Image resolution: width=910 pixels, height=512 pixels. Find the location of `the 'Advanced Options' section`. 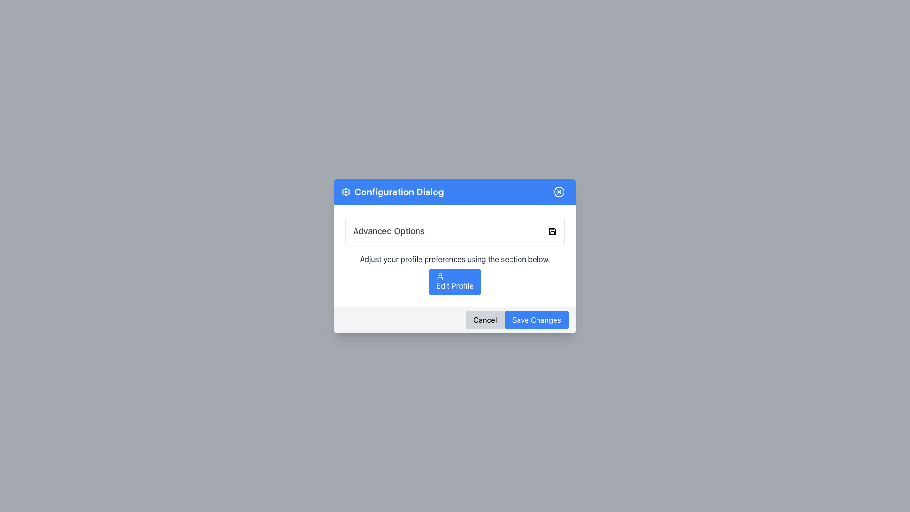

the 'Advanced Options' section is located at coordinates (455, 256).